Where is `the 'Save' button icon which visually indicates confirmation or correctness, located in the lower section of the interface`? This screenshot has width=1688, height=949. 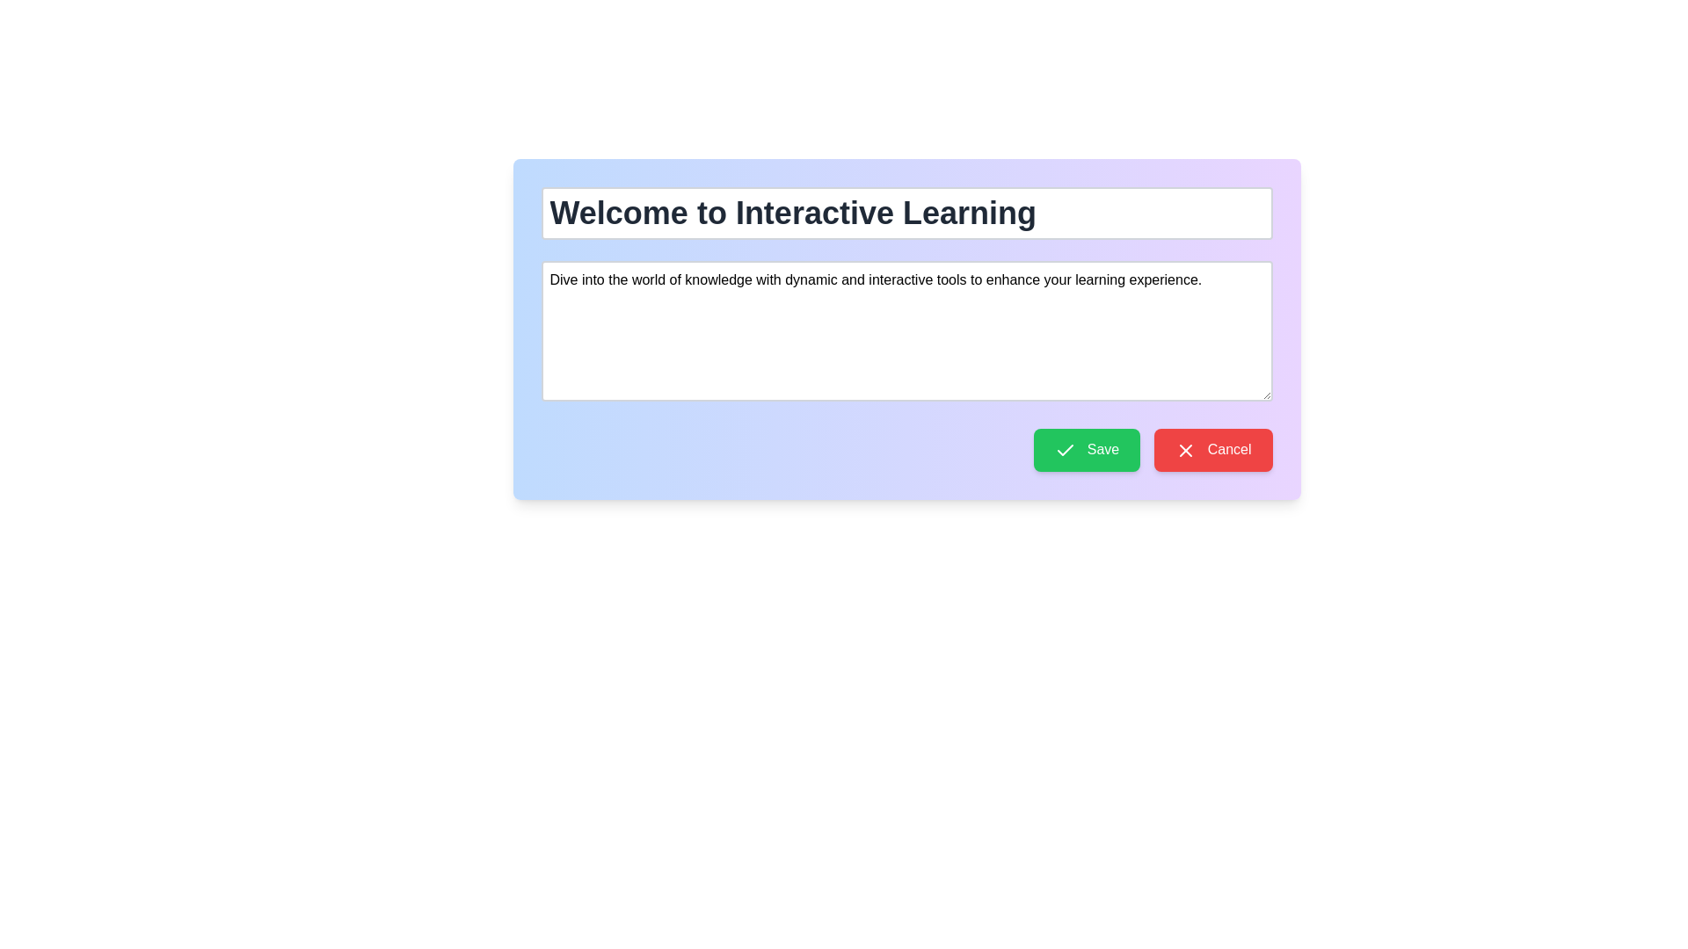
the 'Save' button icon which visually indicates confirmation or correctness, located in the lower section of the interface is located at coordinates (1065, 449).